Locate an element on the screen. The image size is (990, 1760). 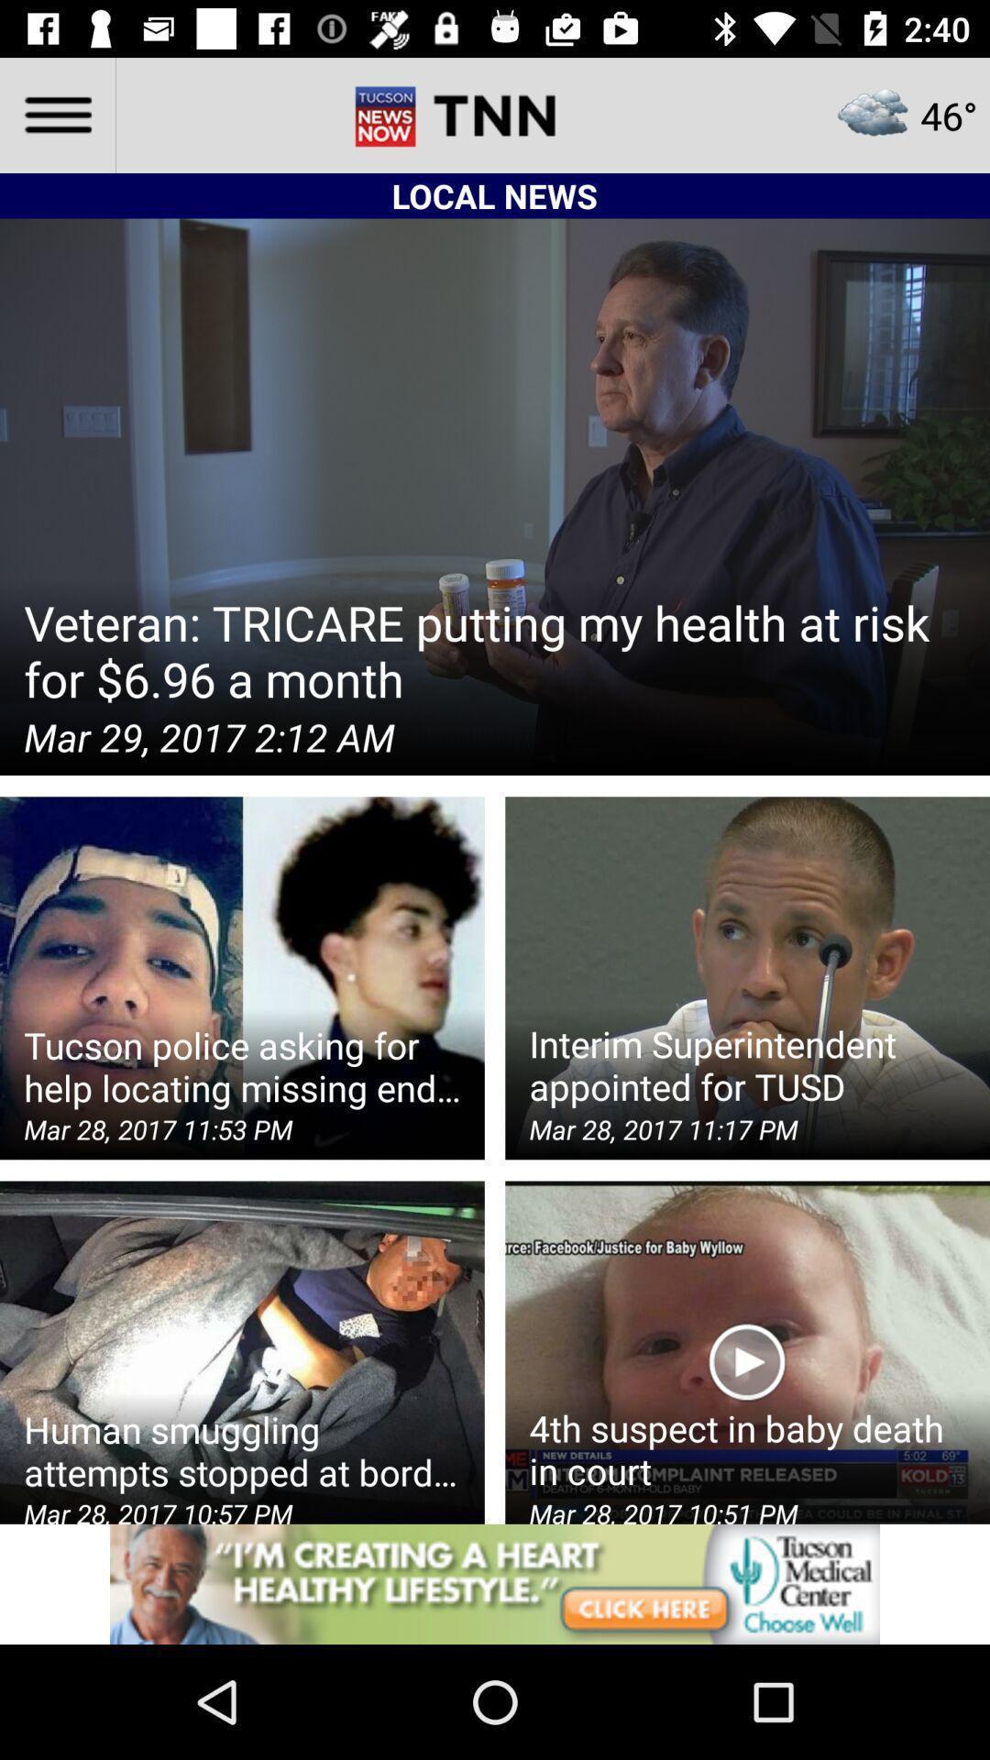
the menu icon is located at coordinates (56, 114).